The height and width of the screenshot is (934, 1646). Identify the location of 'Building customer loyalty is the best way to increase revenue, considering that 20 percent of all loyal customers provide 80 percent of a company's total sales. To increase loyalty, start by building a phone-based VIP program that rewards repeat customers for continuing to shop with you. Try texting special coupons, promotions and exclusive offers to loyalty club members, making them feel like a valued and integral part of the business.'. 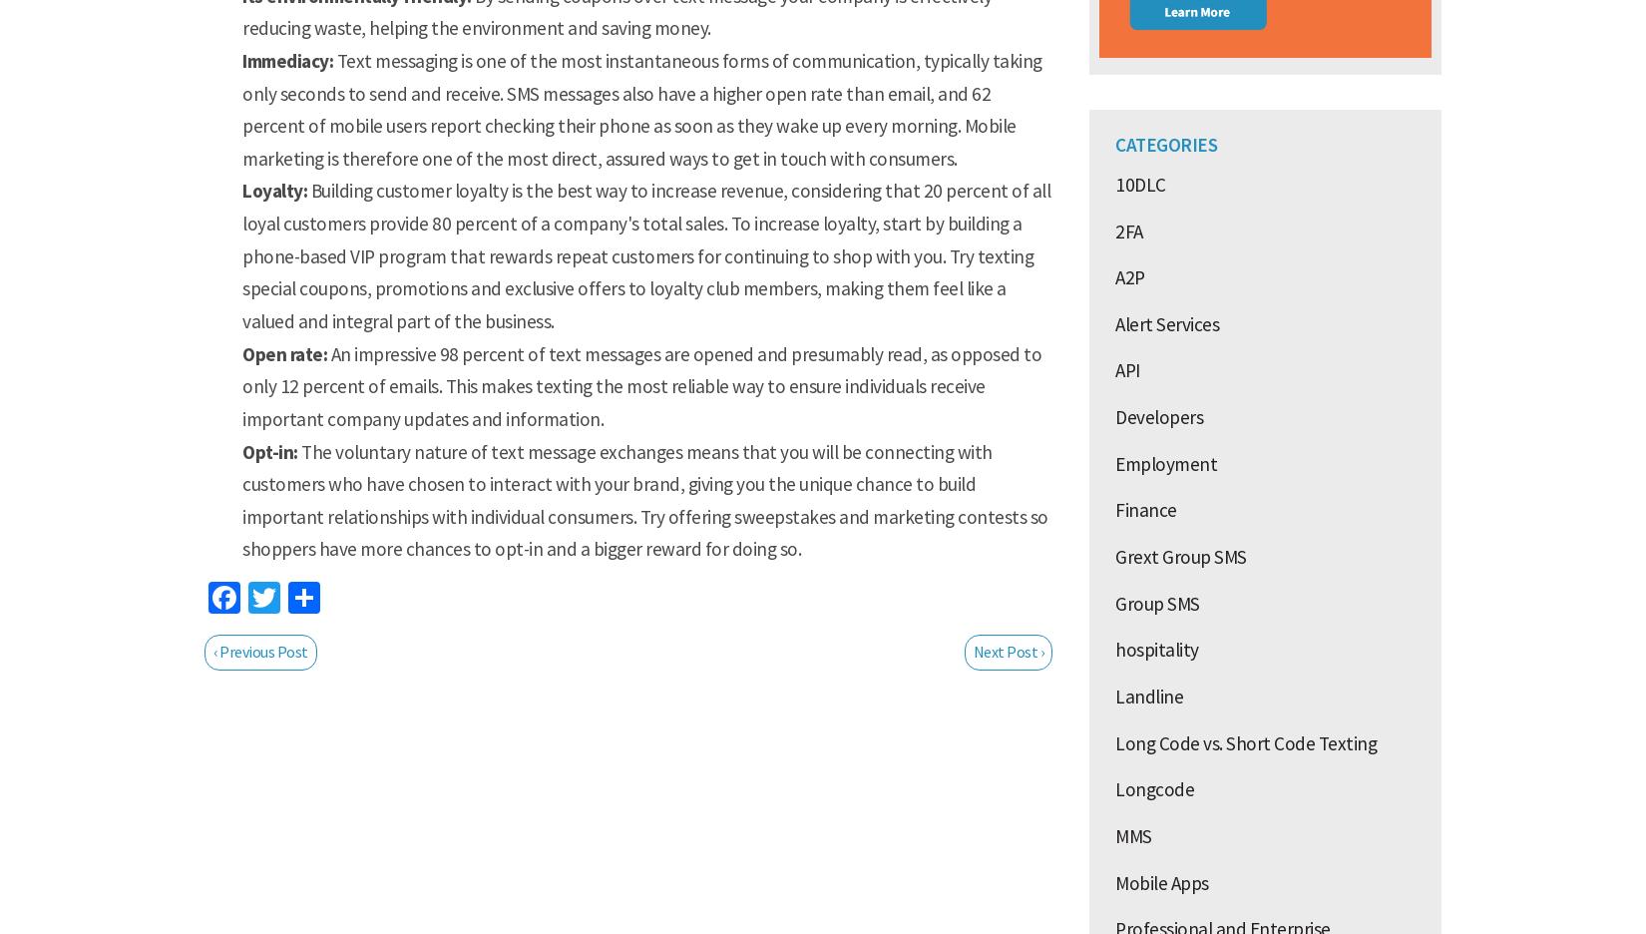
(644, 254).